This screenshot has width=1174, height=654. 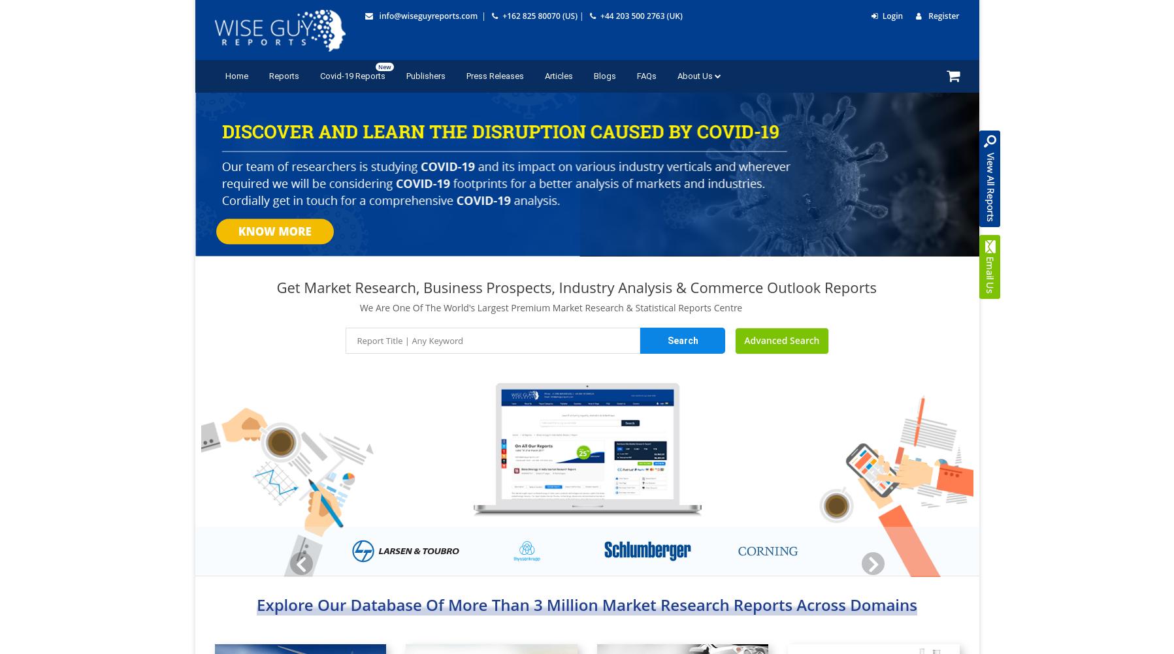 What do you see at coordinates (575, 285) in the screenshot?
I see `'Get Market Research, Business Prospects, Industry Analysis & Commerce Outlook Reports'` at bounding box center [575, 285].